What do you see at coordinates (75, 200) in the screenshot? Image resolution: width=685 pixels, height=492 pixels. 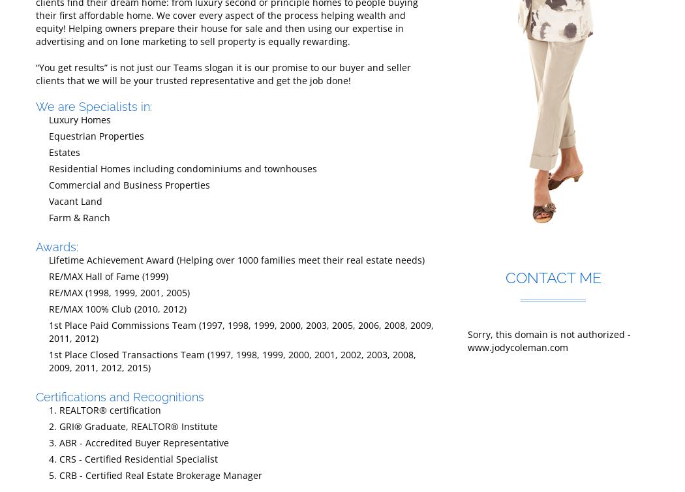 I see `'Vacant Land'` at bounding box center [75, 200].